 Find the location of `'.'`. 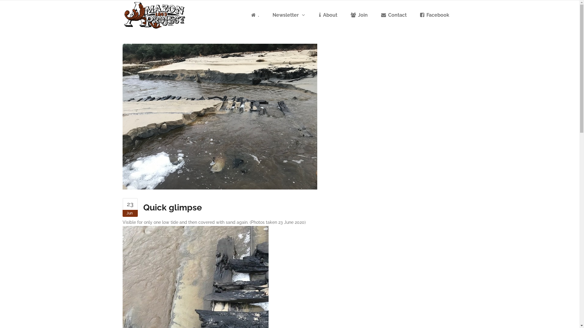

'.' is located at coordinates (255, 15).